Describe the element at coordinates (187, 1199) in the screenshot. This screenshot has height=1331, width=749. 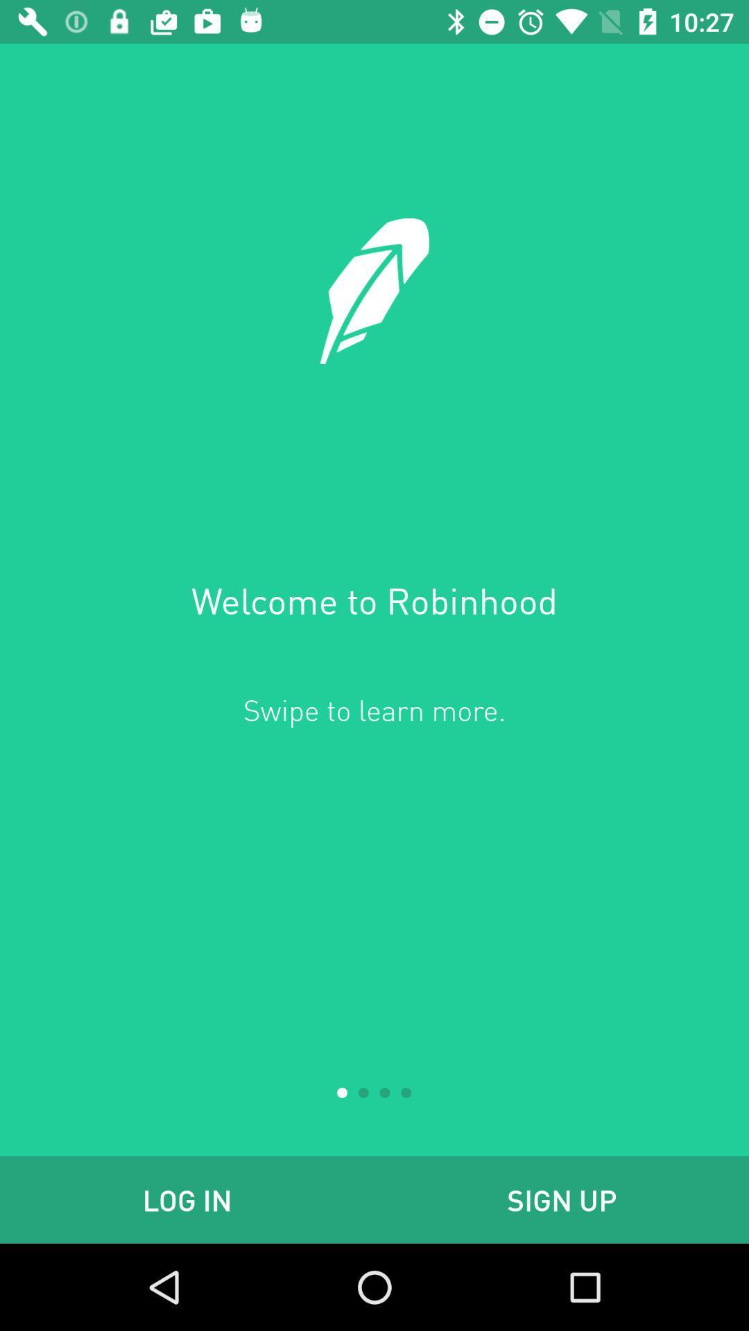
I see `icon next to the sign up item` at that location.